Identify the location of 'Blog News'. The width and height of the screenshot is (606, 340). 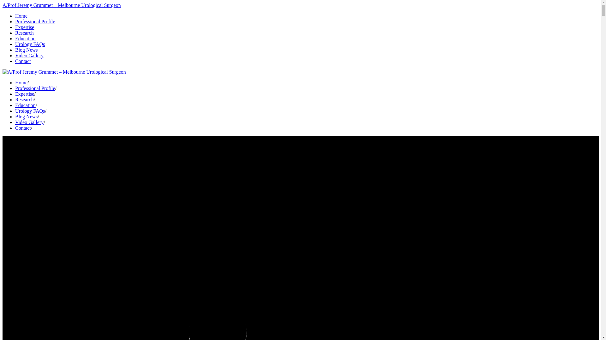
(26, 49).